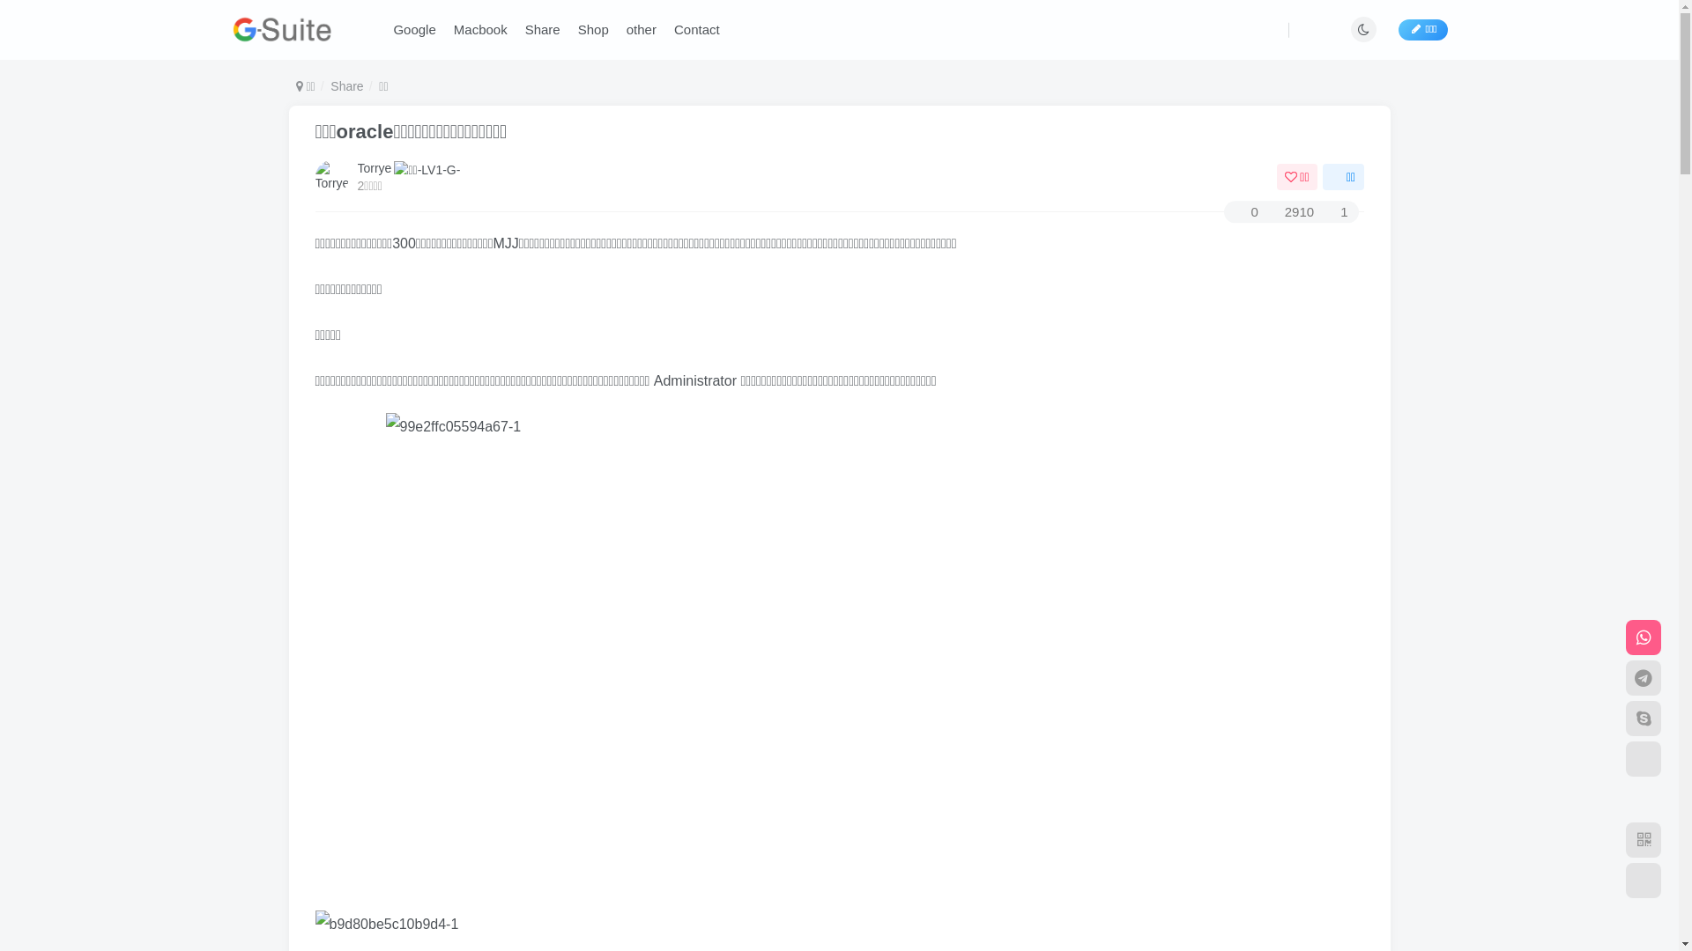 This screenshot has height=951, width=1692. Describe the element at coordinates (696, 30) in the screenshot. I see `'Contact'` at that location.